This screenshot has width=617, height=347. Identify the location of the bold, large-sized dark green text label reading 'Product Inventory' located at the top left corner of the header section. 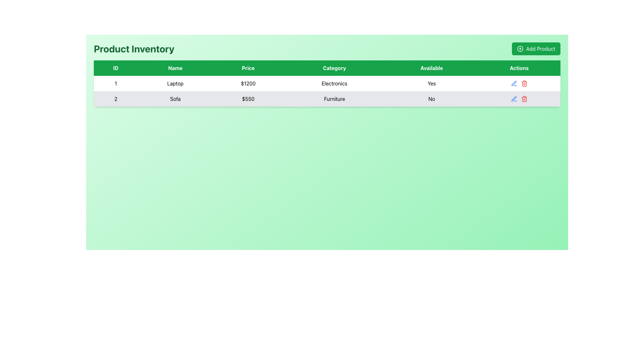
(134, 48).